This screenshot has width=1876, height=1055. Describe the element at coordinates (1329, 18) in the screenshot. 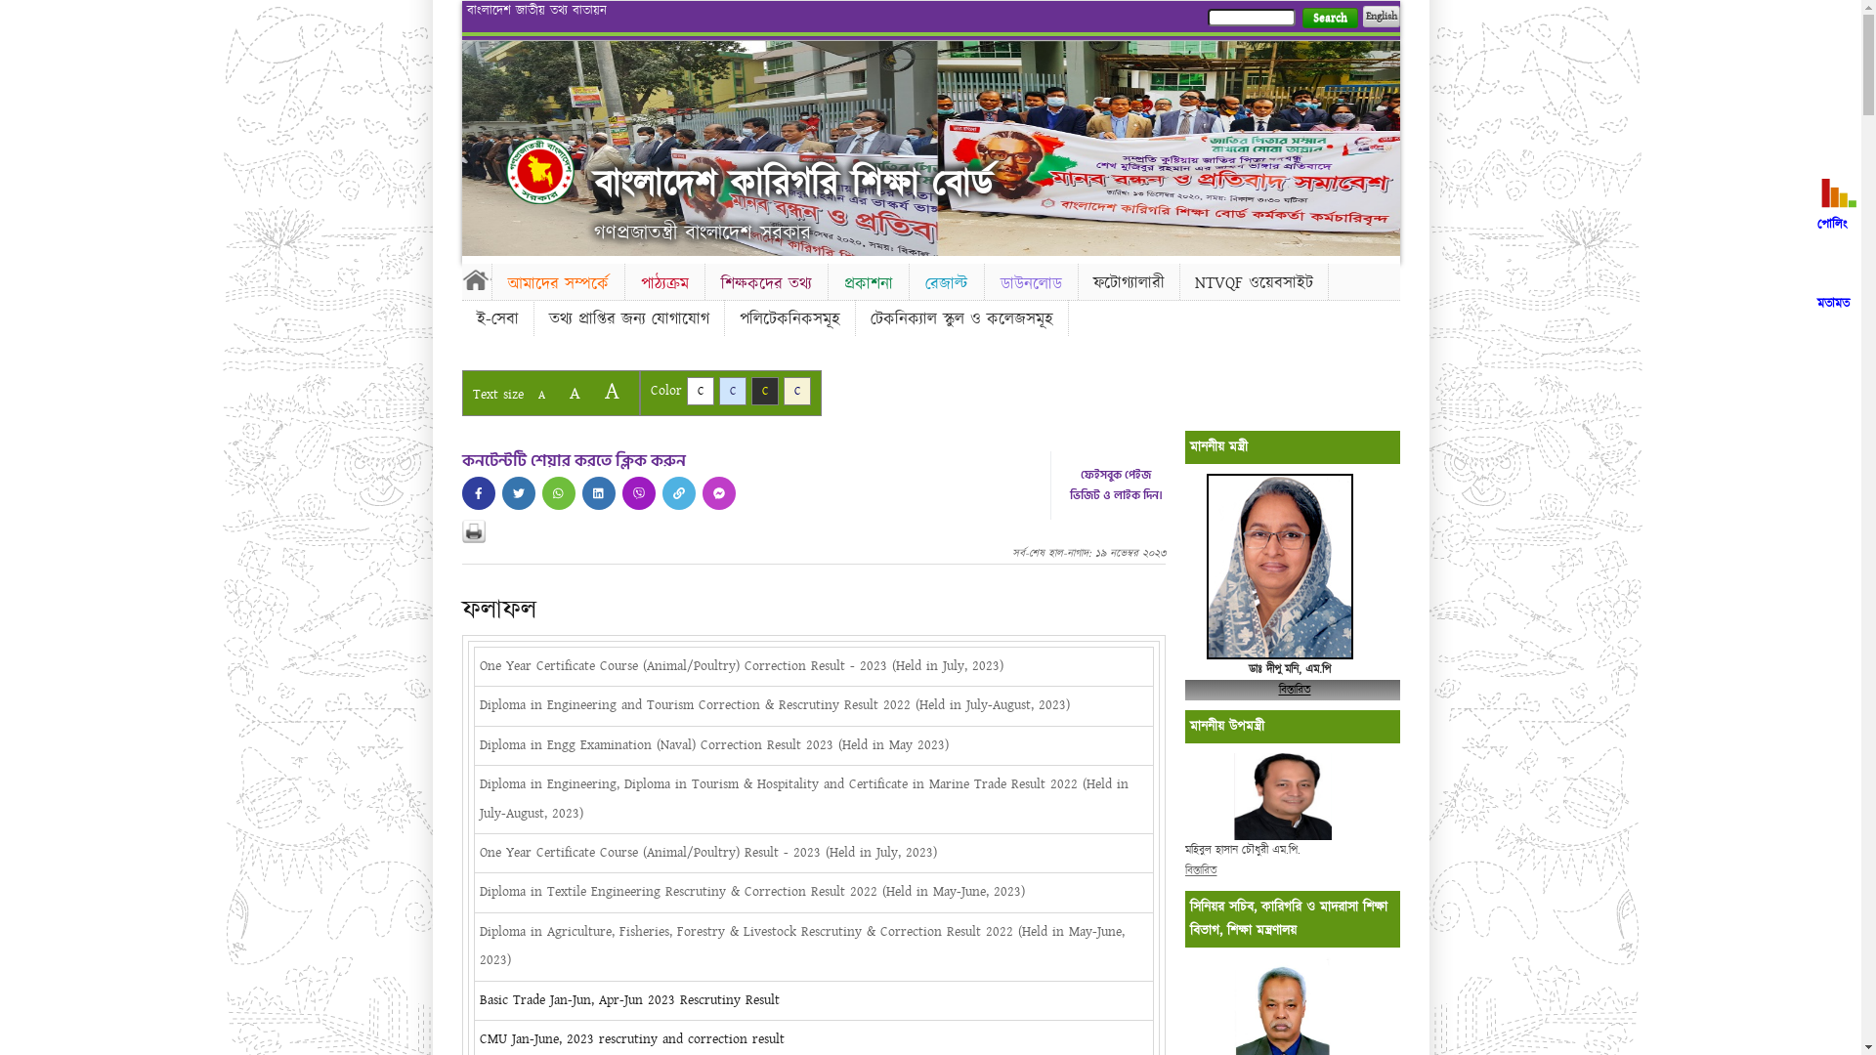

I see `'Search'` at that location.